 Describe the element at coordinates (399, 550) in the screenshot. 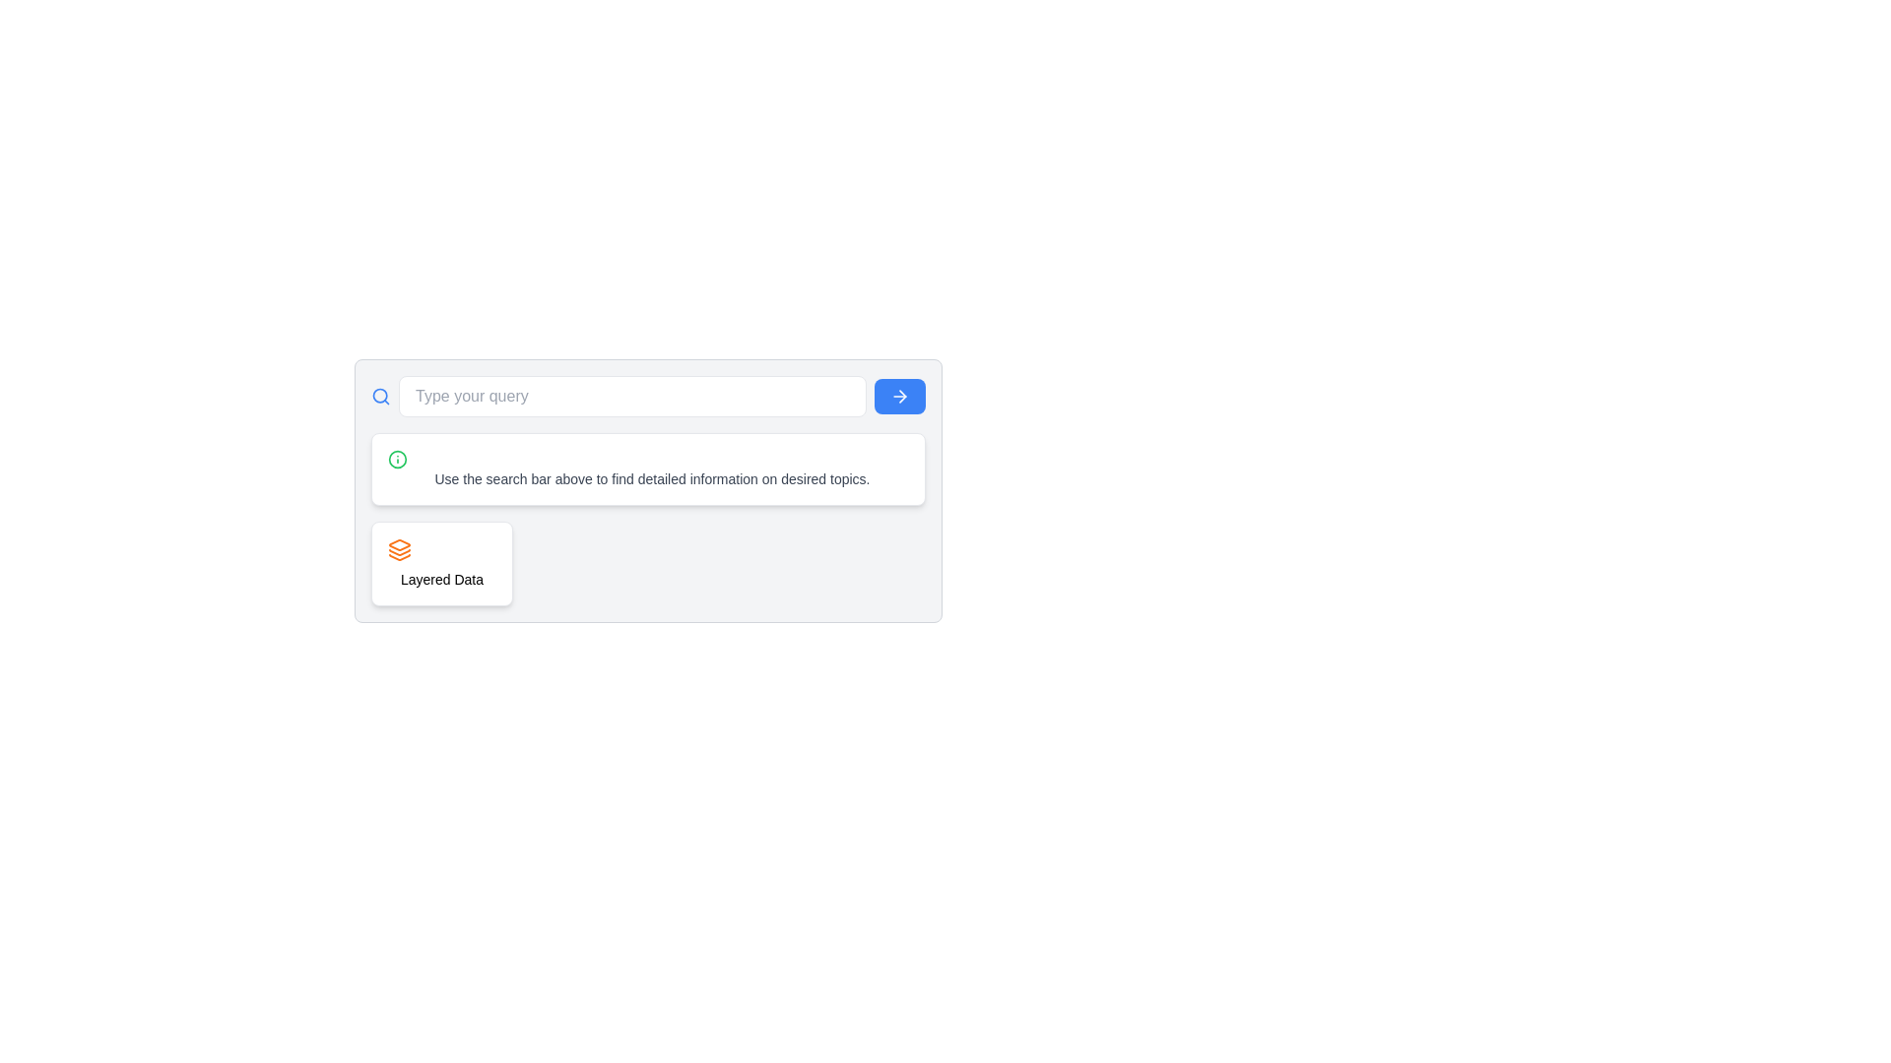

I see `the icon representing layered data functionality located in the white rounded rectangle section titled 'Layered Data'` at that location.